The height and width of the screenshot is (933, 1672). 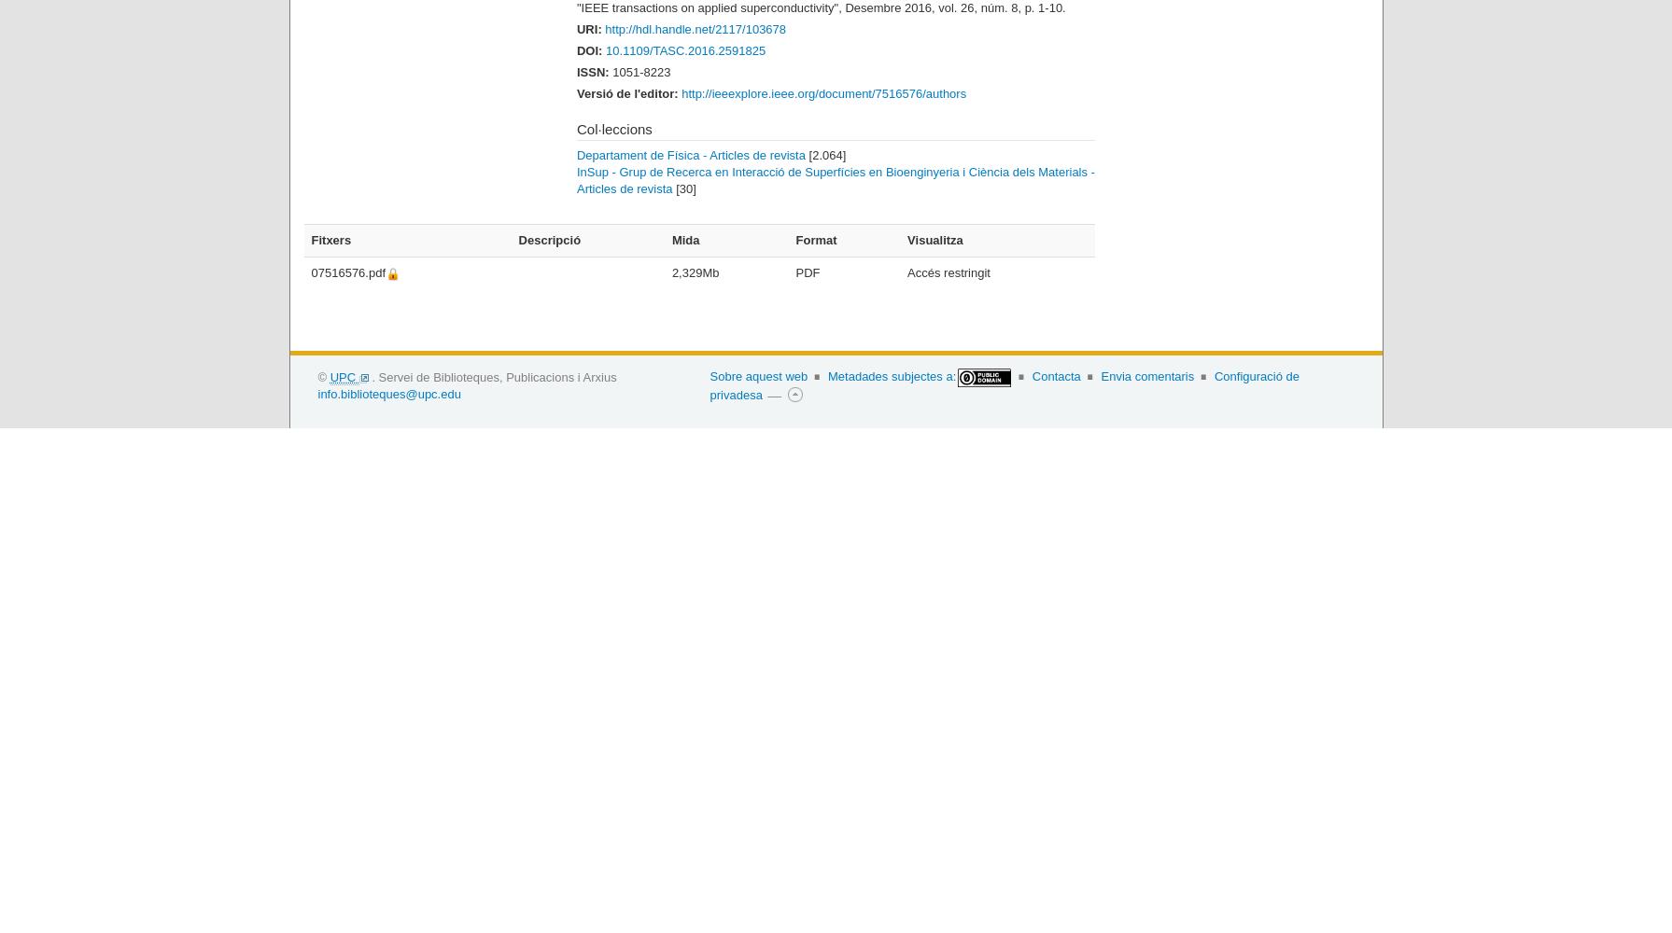 What do you see at coordinates (575, 91) in the screenshot?
I see `'Versió de l'editor'` at bounding box center [575, 91].